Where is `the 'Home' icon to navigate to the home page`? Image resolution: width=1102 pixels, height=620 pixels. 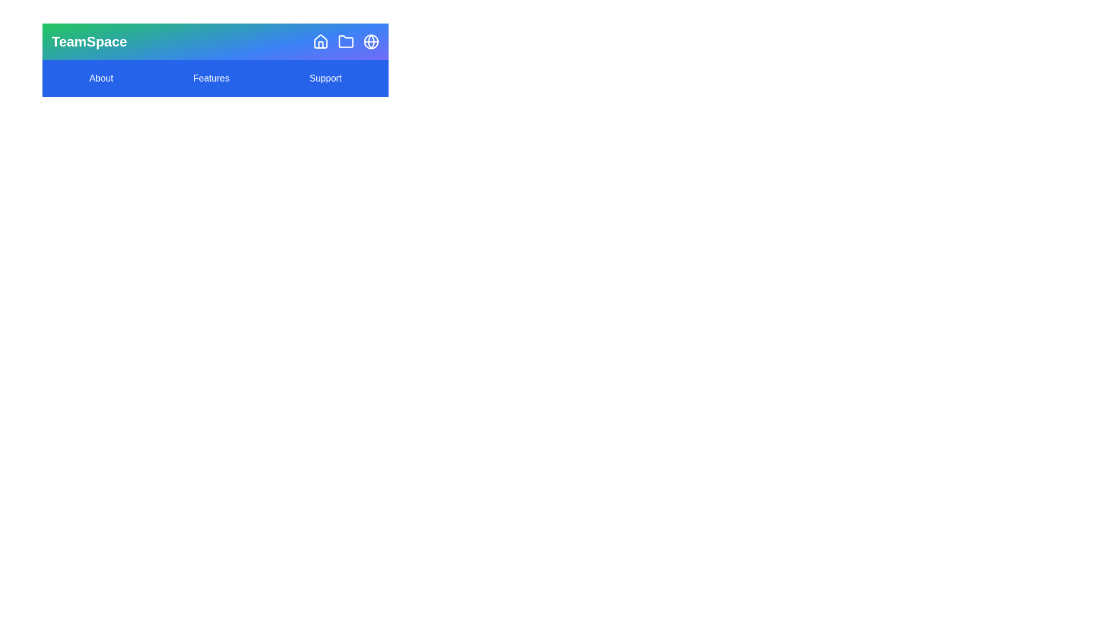
the 'Home' icon to navigate to the home page is located at coordinates (320, 41).